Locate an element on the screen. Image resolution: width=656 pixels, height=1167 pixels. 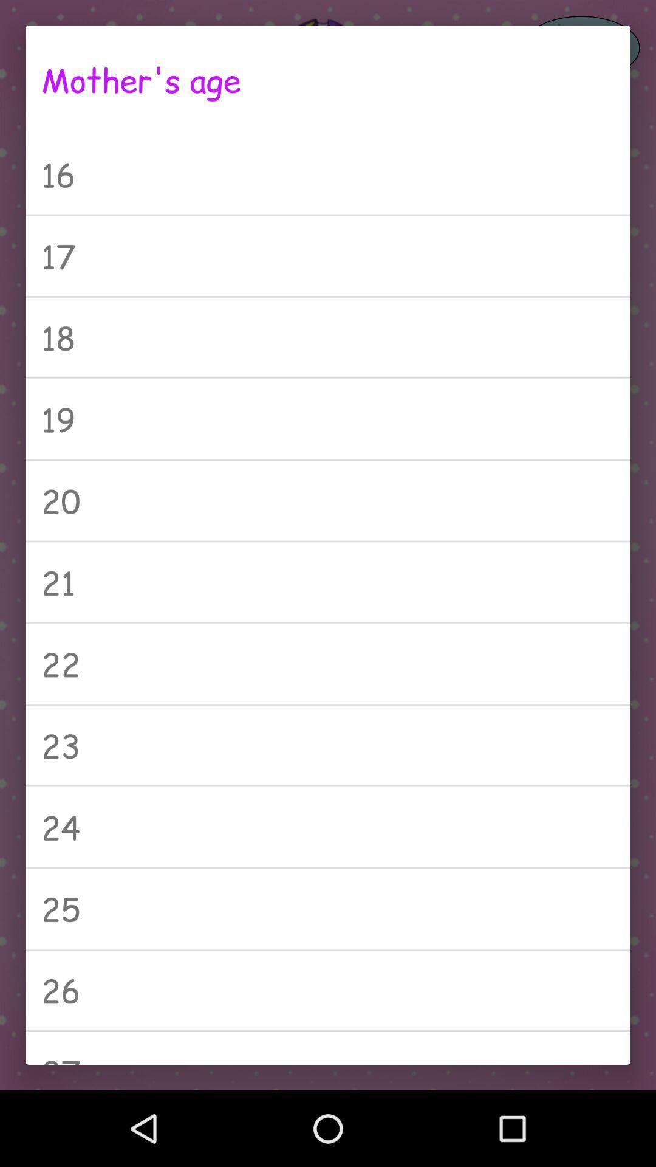
icon above 17 item is located at coordinates (328, 173).